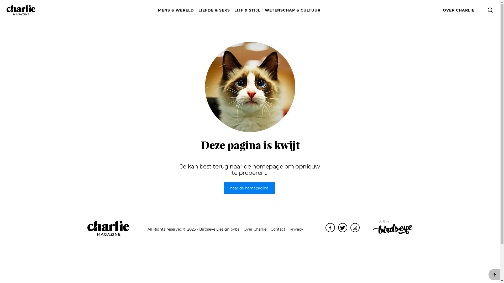 The height and width of the screenshot is (283, 504). I want to click on 'LIJF & STIJL', so click(248, 10).